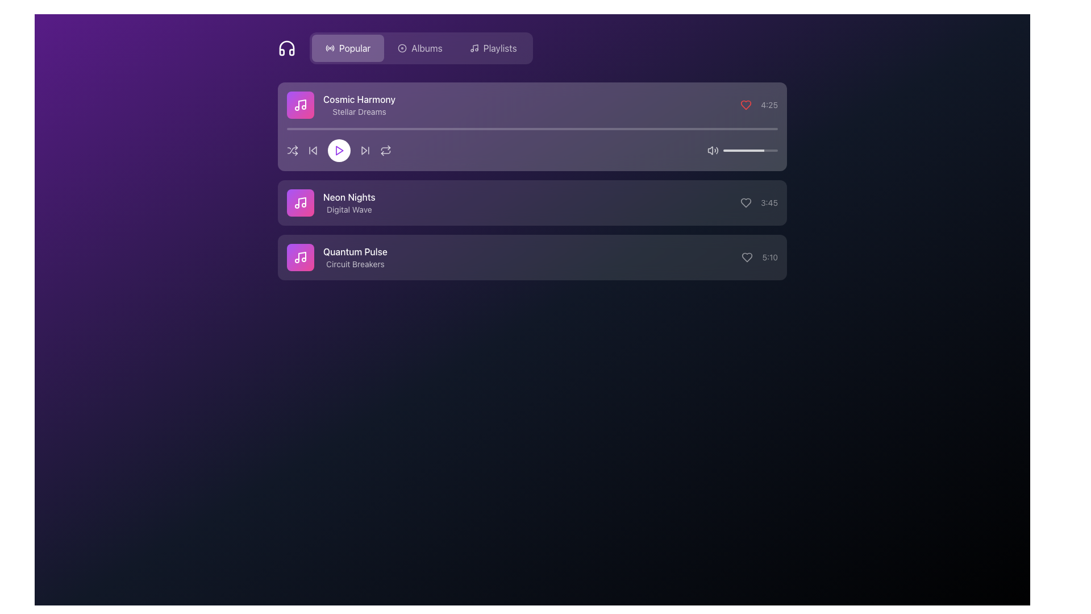  Describe the element at coordinates (750, 150) in the screenshot. I see `the progress bar, which is a rounded rectangular element with a light gray background and a filled white section` at that location.